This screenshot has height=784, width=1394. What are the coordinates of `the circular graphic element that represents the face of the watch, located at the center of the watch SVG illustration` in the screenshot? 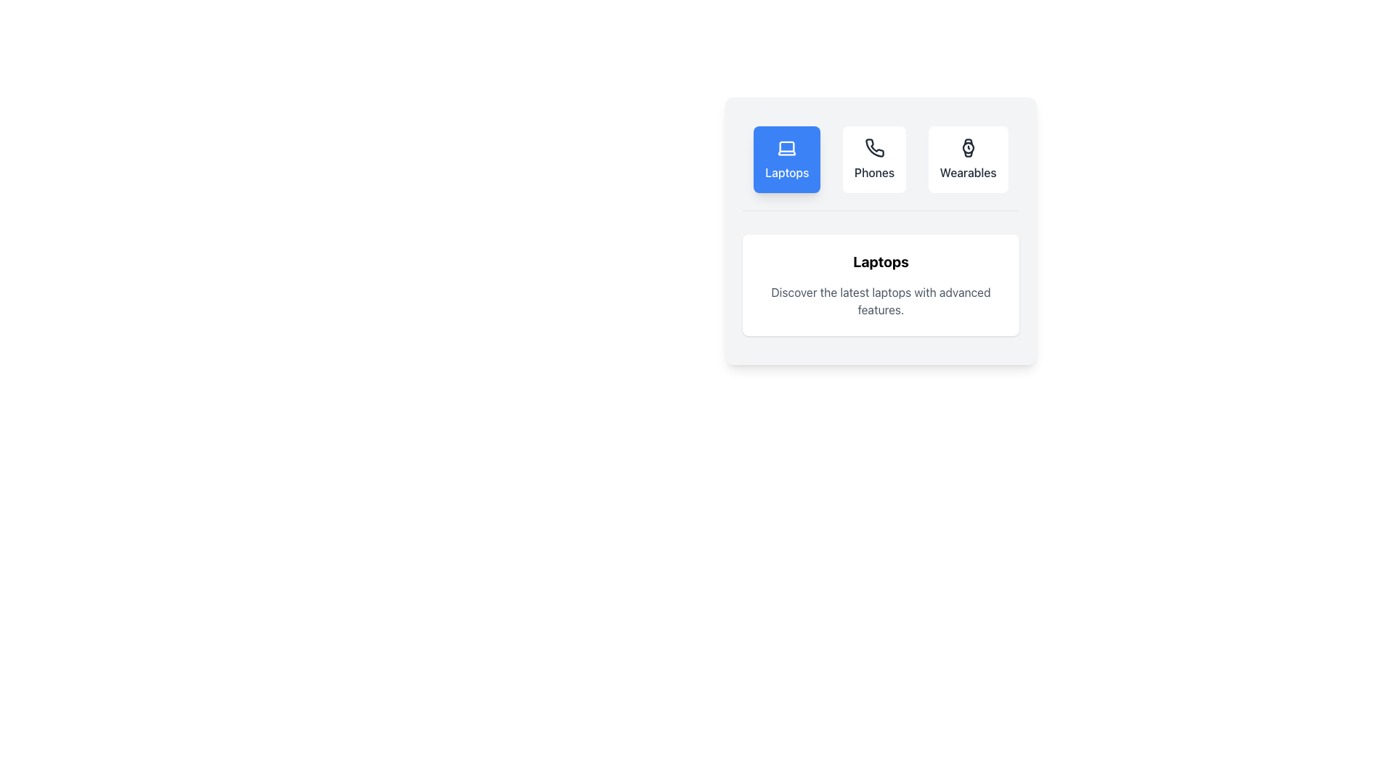 It's located at (968, 148).